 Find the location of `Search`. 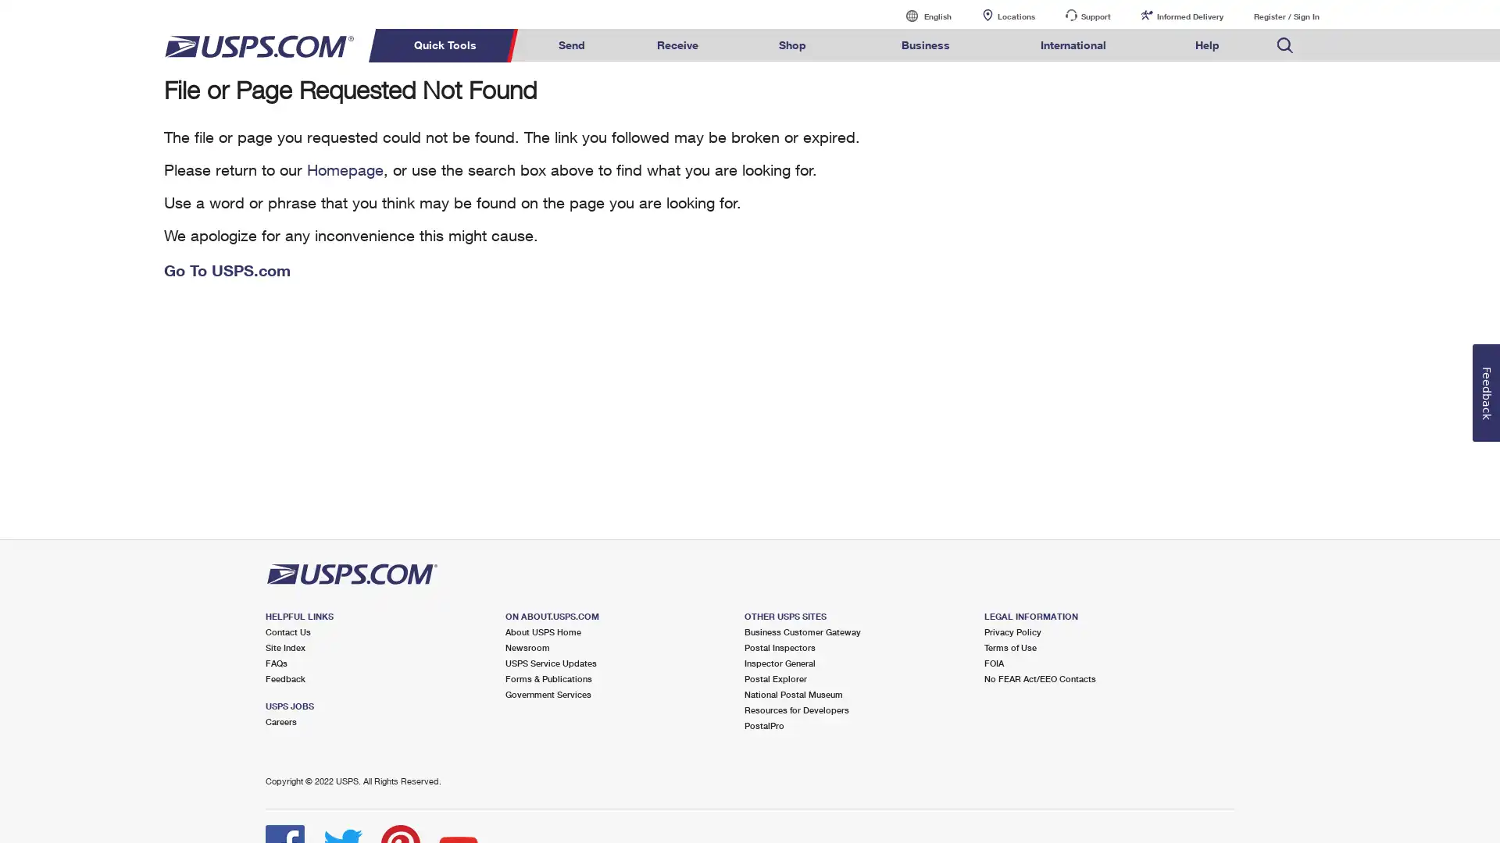

Search is located at coordinates (984, 421).